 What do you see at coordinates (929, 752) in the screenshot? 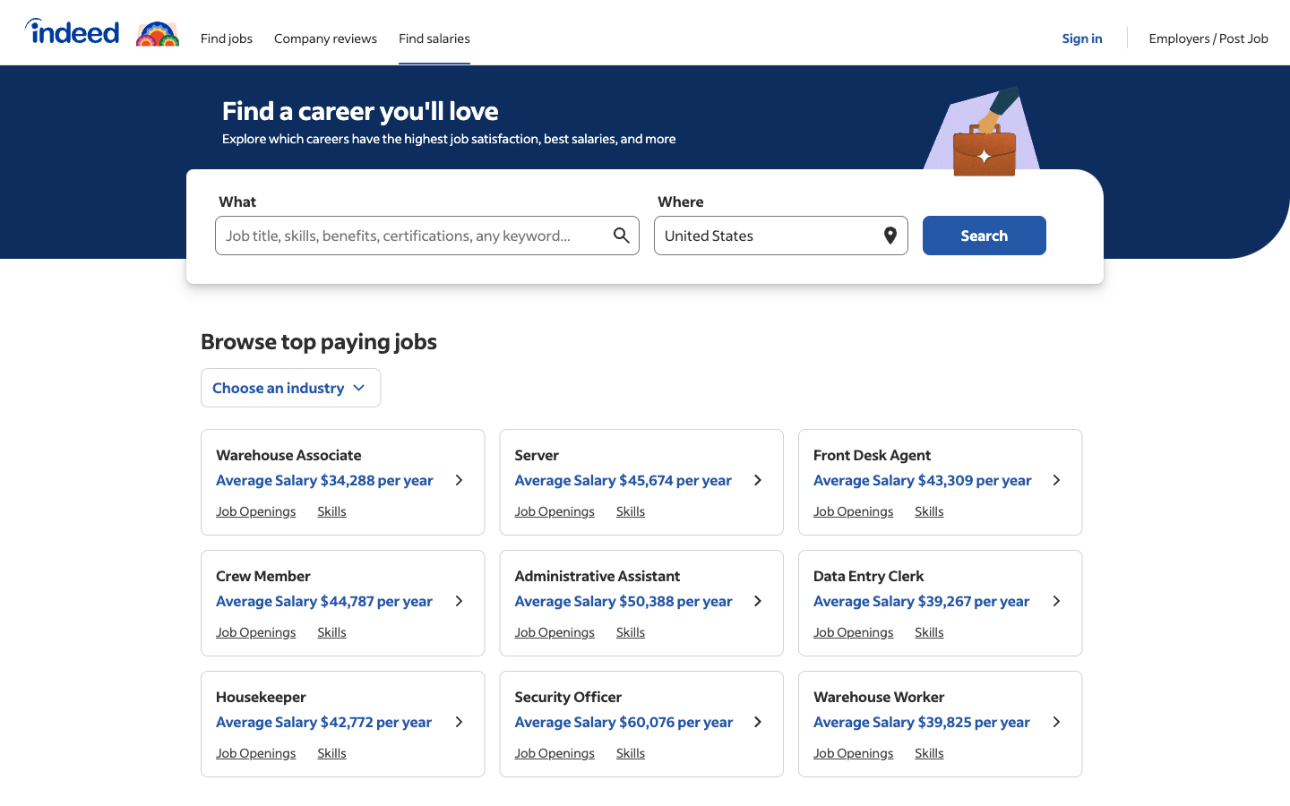
I see `Ascertain the abilities and skills necessary for the position of "Administrative Assistant` at bounding box center [929, 752].